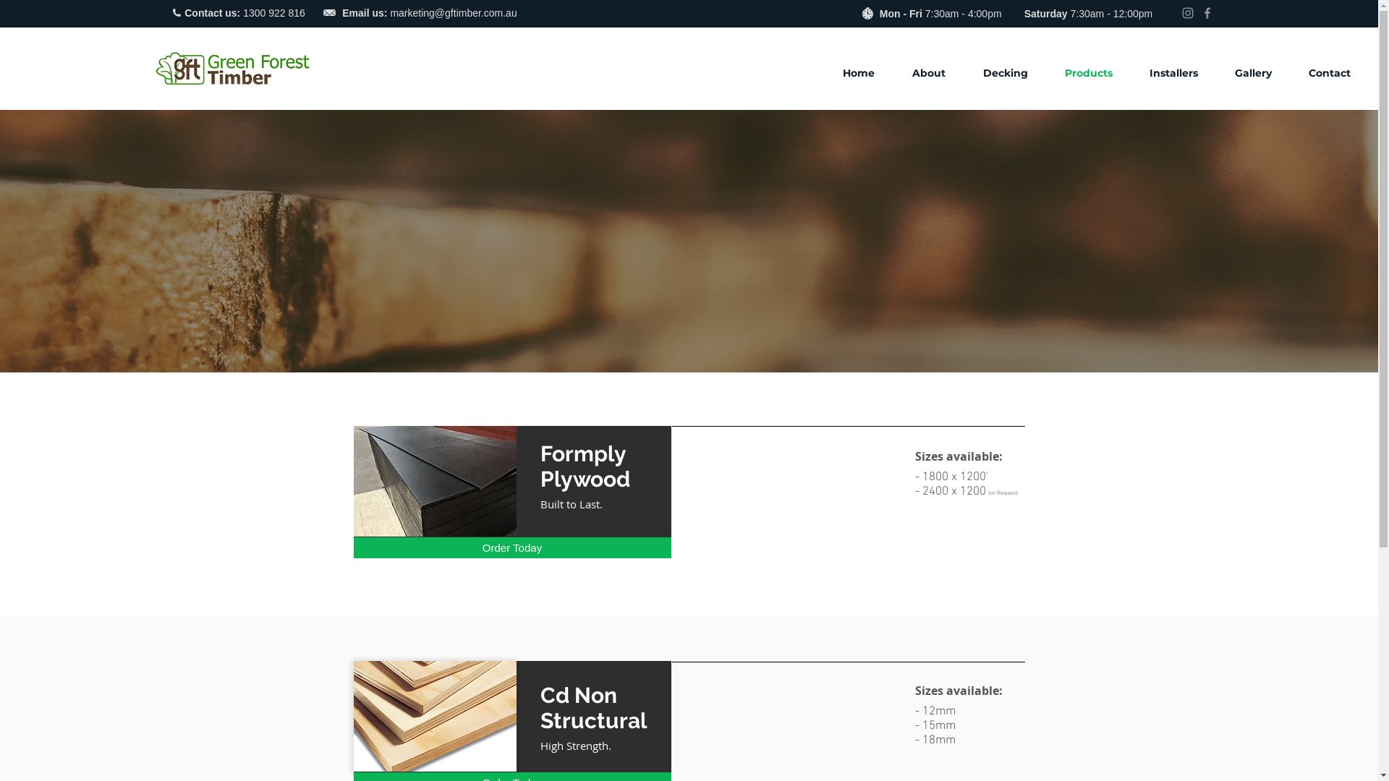 The height and width of the screenshot is (781, 1389). I want to click on 'Gallery', so click(1223, 72).